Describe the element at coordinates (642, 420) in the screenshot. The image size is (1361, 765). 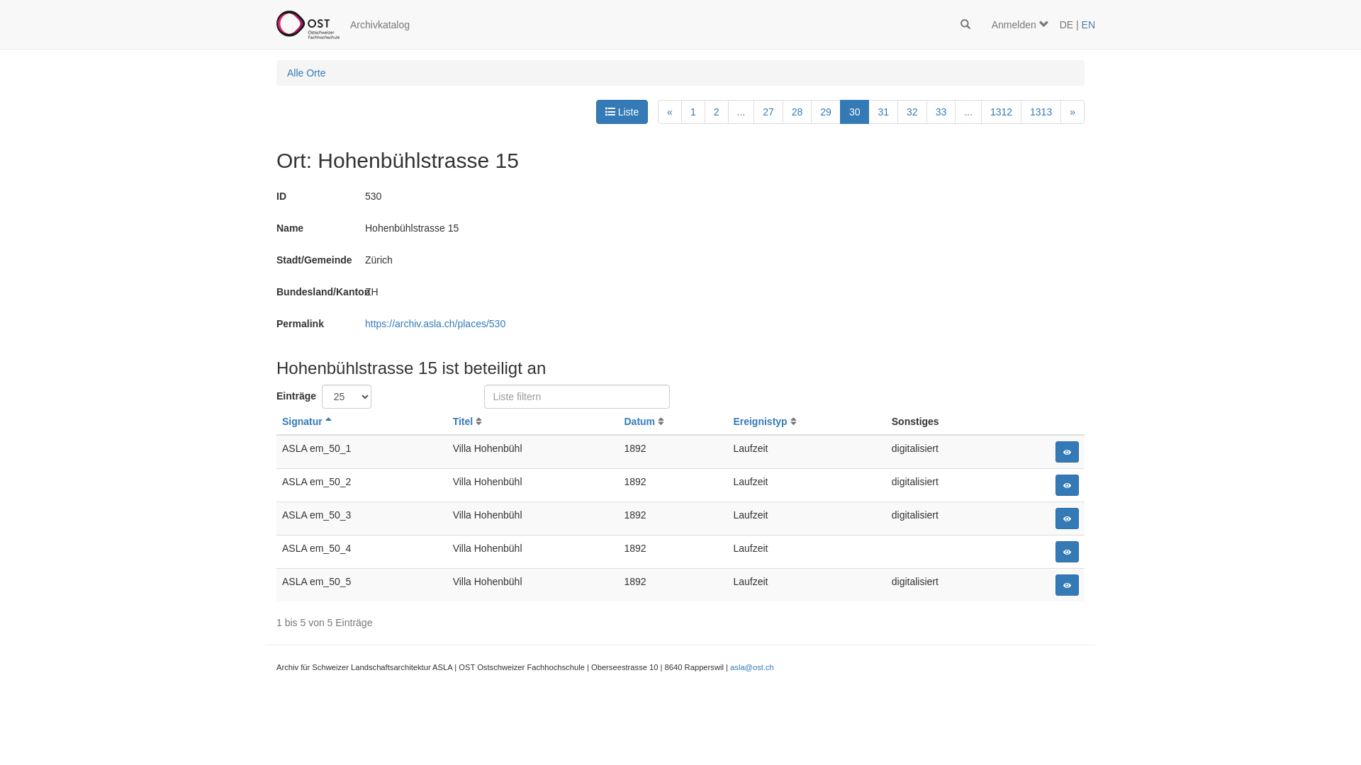
I see `'Datum'` at that location.